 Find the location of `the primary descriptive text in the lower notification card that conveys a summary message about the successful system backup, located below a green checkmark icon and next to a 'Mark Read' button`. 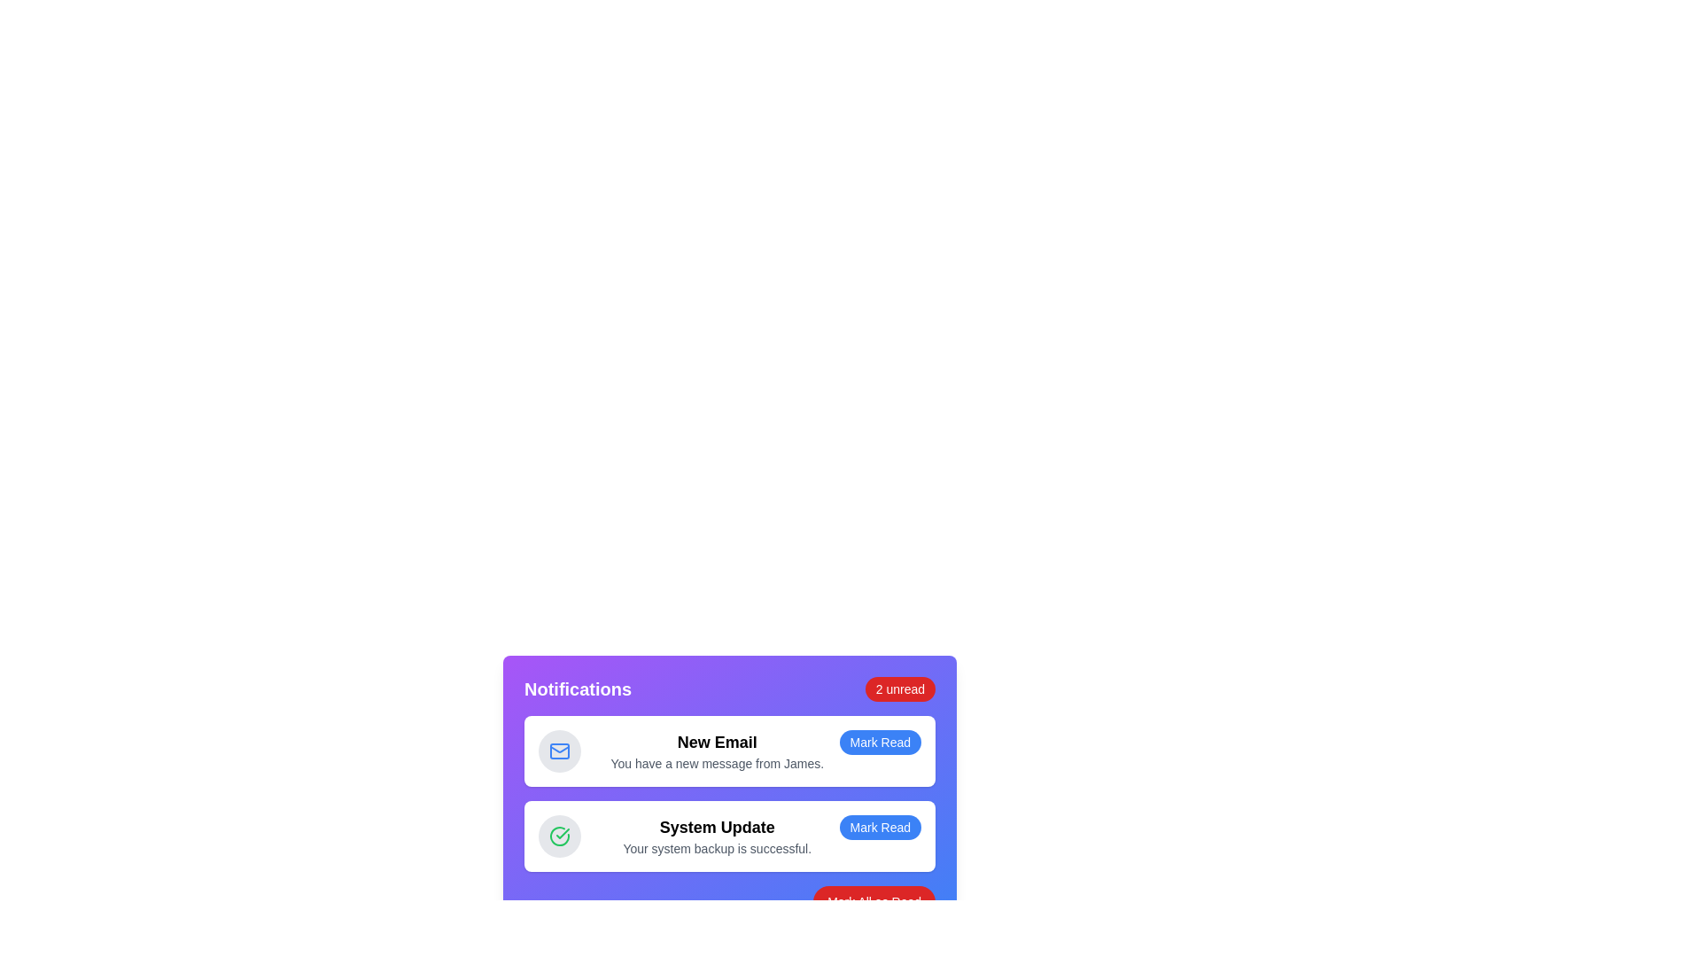

the primary descriptive text in the lower notification card that conveys a summary message about the successful system backup, located below a green checkmark icon and next to a 'Mark Read' button is located at coordinates (717, 836).